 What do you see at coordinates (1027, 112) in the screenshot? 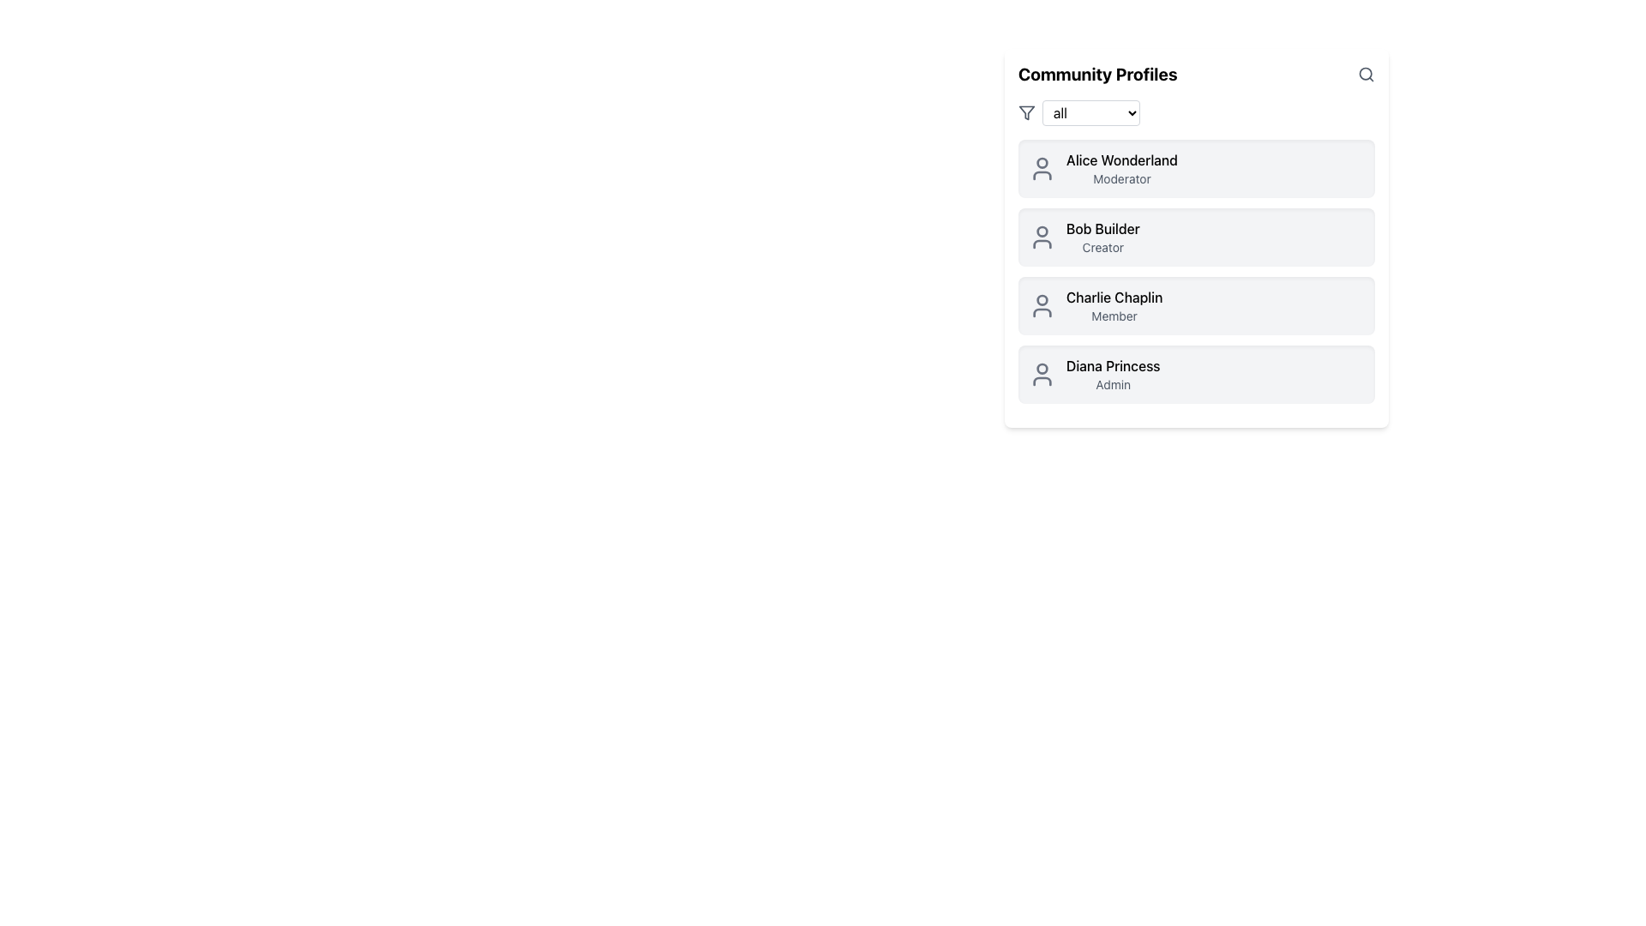
I see `the triangular filter icon located to the left of the 'all' dropdown menu in the 'Community Profiles' panel` at bounding box center [1027, 112].